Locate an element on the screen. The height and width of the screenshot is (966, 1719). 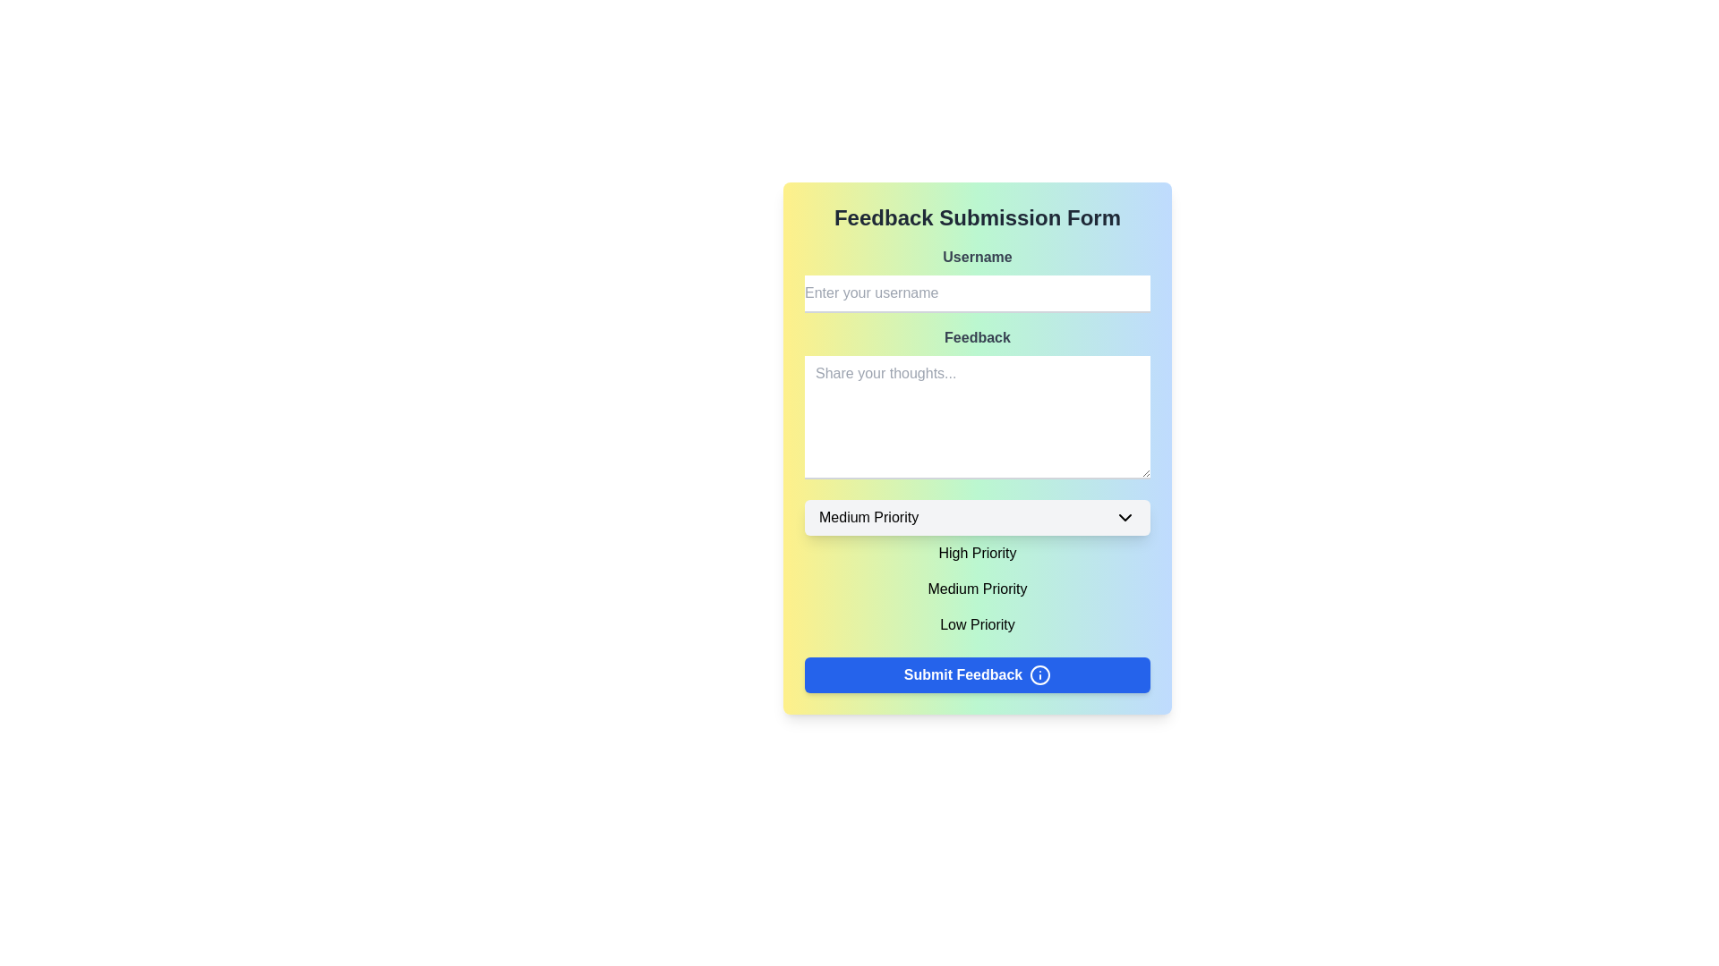
the username input field in the 'Feedback Submission Form' to focus and type is located at coordinates (976, 279).